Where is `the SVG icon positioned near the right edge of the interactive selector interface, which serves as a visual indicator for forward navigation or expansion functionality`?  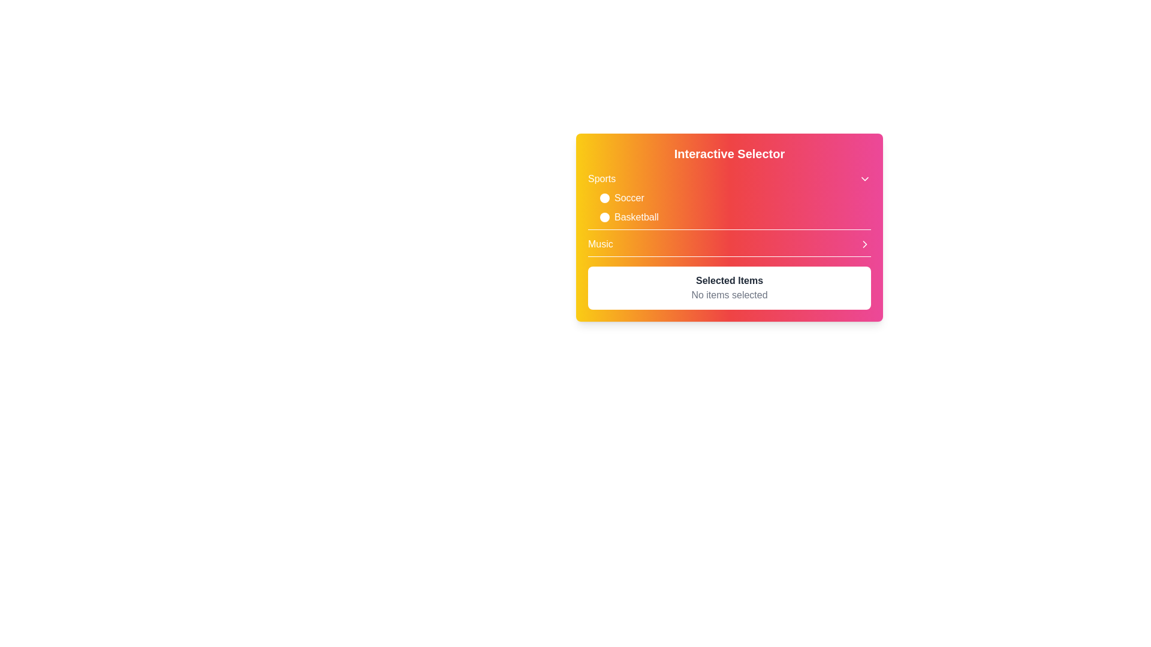 the SVG icon positioned near the right edge of the interactive selector interface, which serves as a visual indicator for forward navigation or expansion functionality is located at coordinates (865, 244).